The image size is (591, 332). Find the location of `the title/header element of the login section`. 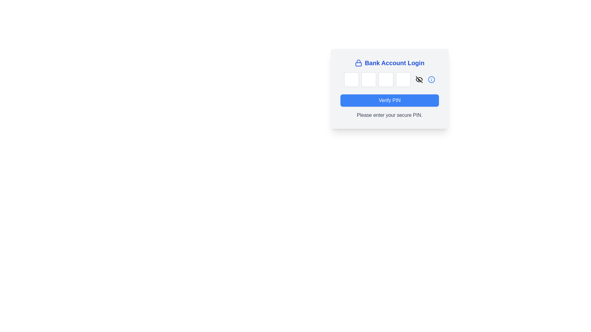

the title/header element of the login section is located at coordinates (389, 63).